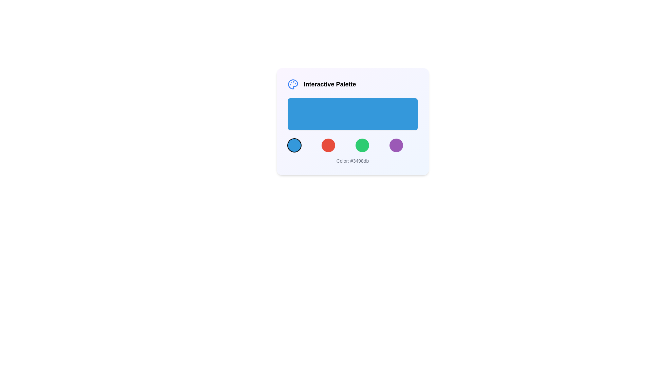 Image resolution: width=652 pixels, height=366 pixels. I want to click on text displayed in the text label that shows the currently selected color code, located just below a row of four circular color icons, so click(352, 161).